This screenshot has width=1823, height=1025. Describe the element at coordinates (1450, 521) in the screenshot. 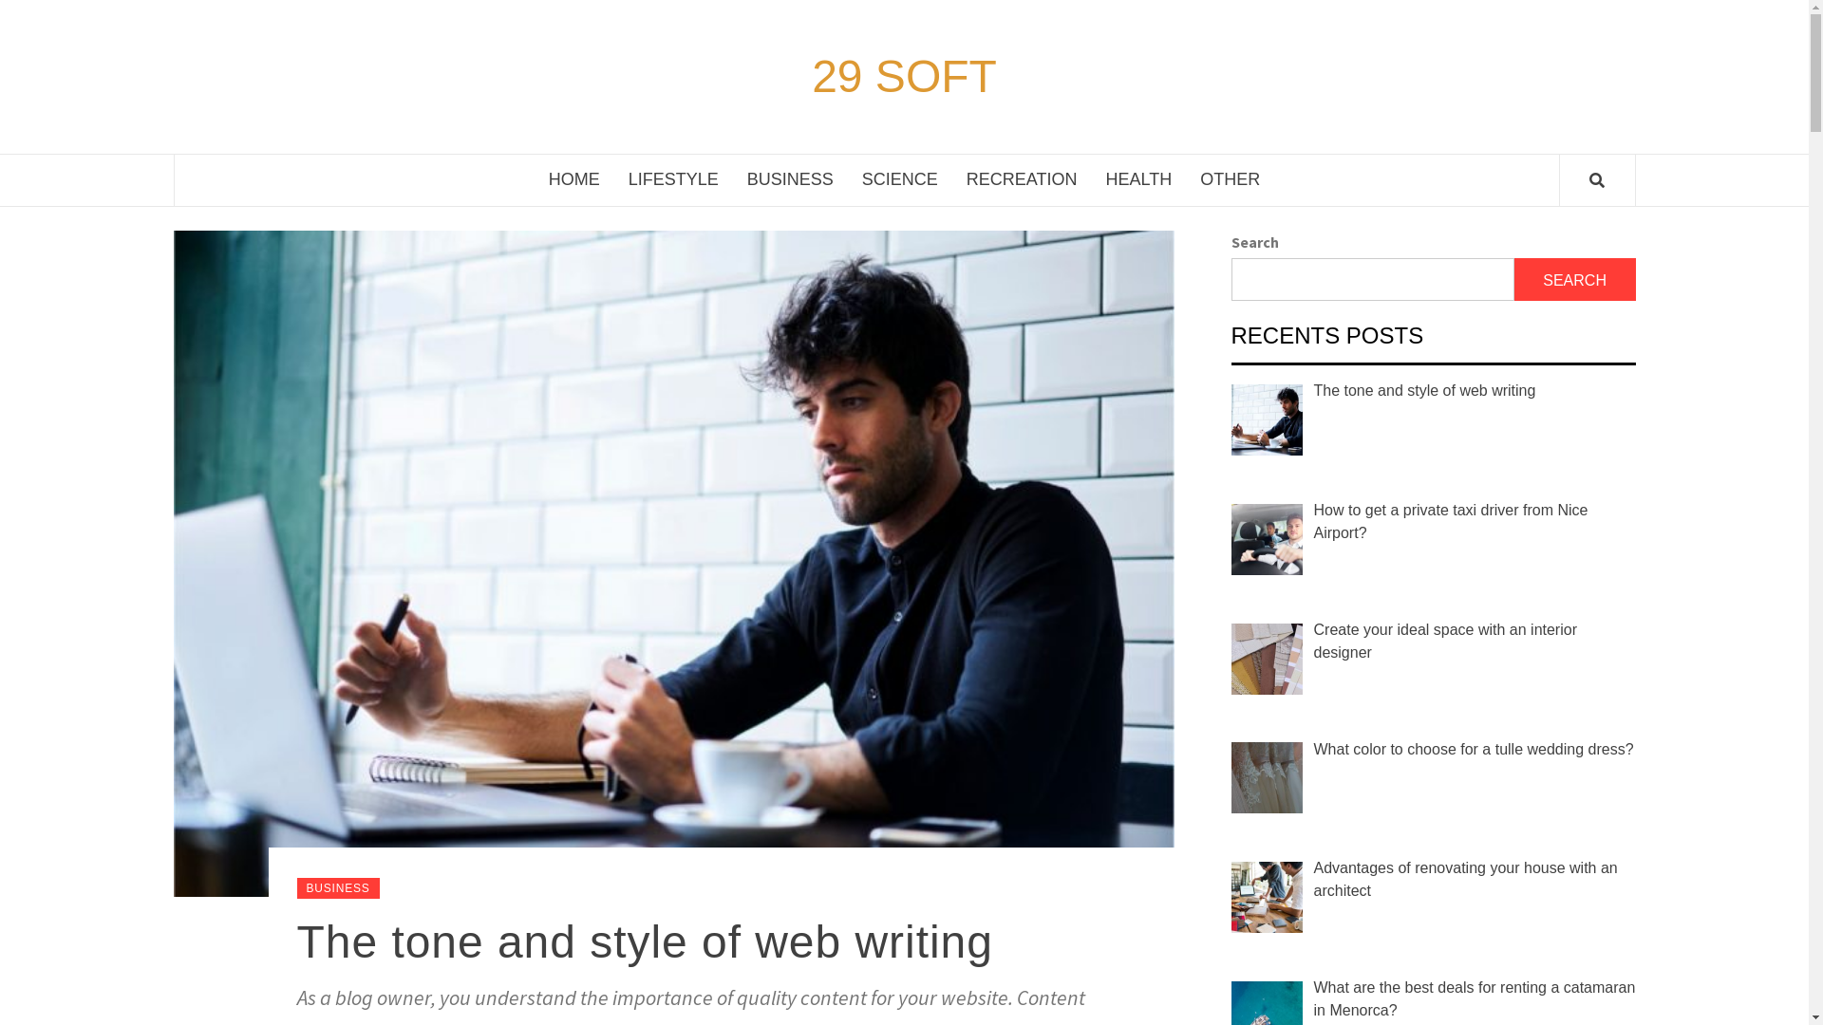

I see `'How to get a private taxi driver from Nice Airport?'` at that location.